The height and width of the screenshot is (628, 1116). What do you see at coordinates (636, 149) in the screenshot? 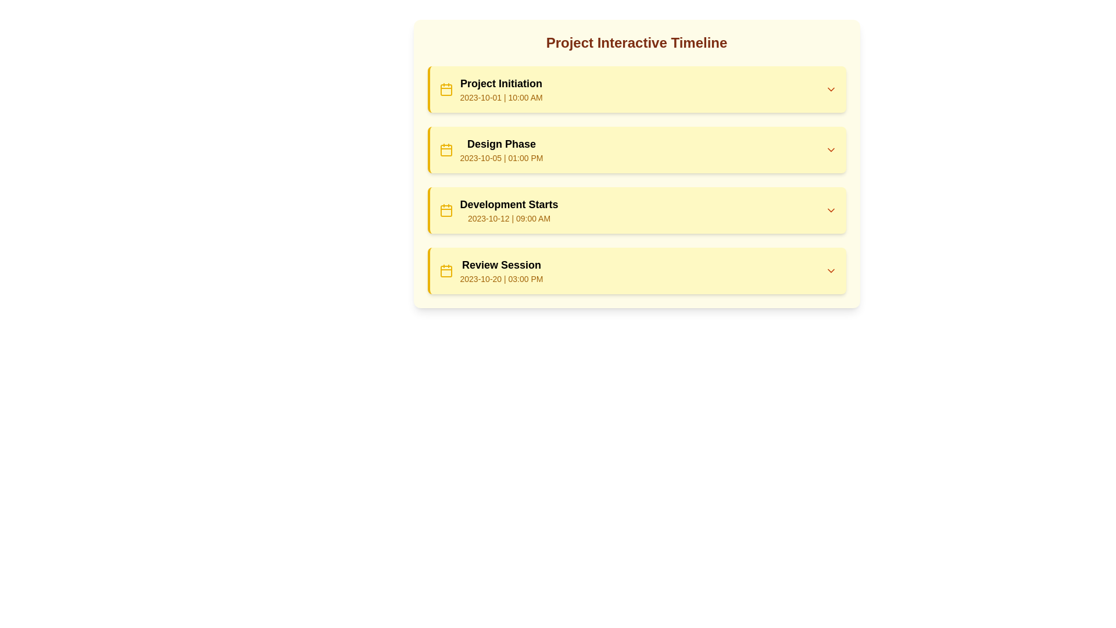
I see `the 'Design Phase' event entry in the timeline` at bounding box center [636, 149].